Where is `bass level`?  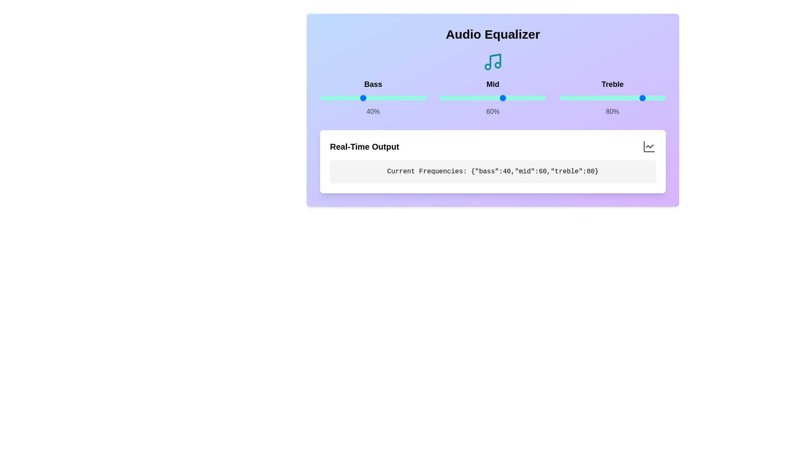
bass level is located at coordinates (409, 97).